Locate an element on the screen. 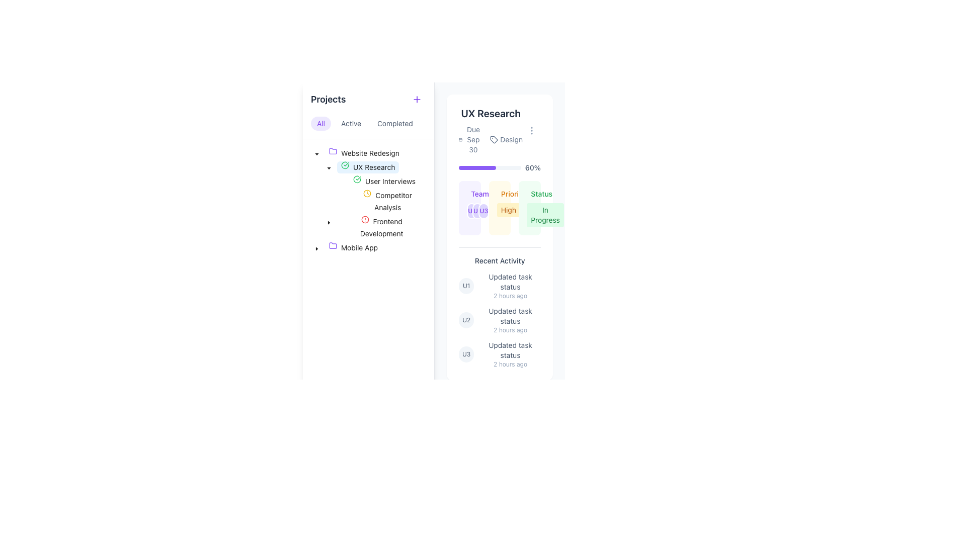 This screenshot has width=966, height=543. the 'Completed' button, which is a text-only button styled as a tag is located at coordinates (394, 123).